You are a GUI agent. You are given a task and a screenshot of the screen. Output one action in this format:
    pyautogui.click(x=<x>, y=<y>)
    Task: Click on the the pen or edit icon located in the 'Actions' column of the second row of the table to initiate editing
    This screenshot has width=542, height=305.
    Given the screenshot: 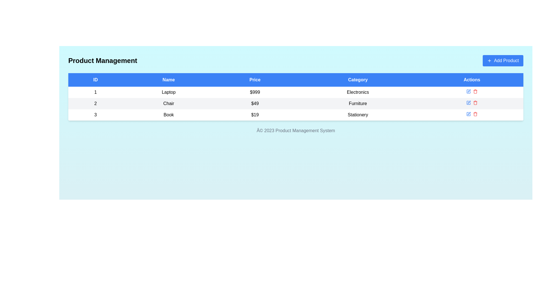 What is the action you would take?
    pyautogui.click(x=469, y=102)
    